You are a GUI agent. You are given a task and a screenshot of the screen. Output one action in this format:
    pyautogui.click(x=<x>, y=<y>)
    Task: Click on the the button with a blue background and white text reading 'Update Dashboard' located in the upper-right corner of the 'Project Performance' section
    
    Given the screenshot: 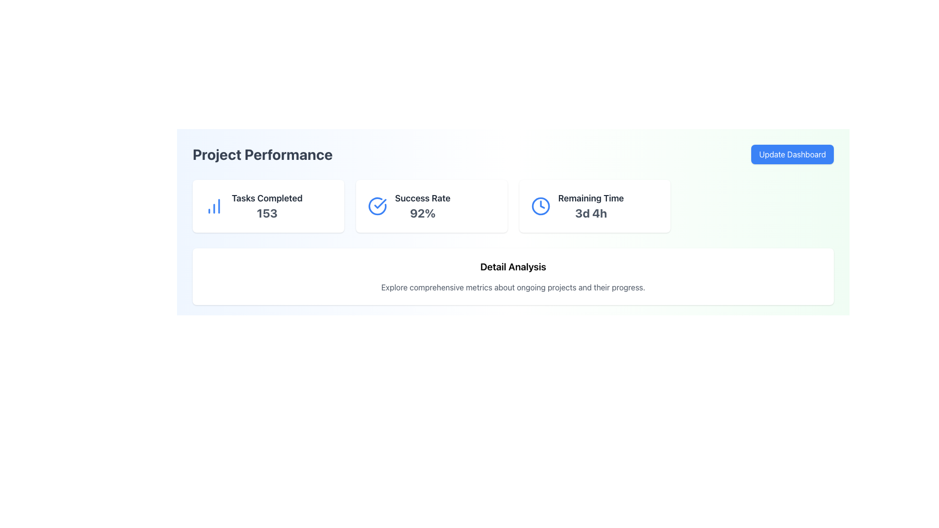 What is the action you would take?
    pyautogui.click(x=792, y=154)
    